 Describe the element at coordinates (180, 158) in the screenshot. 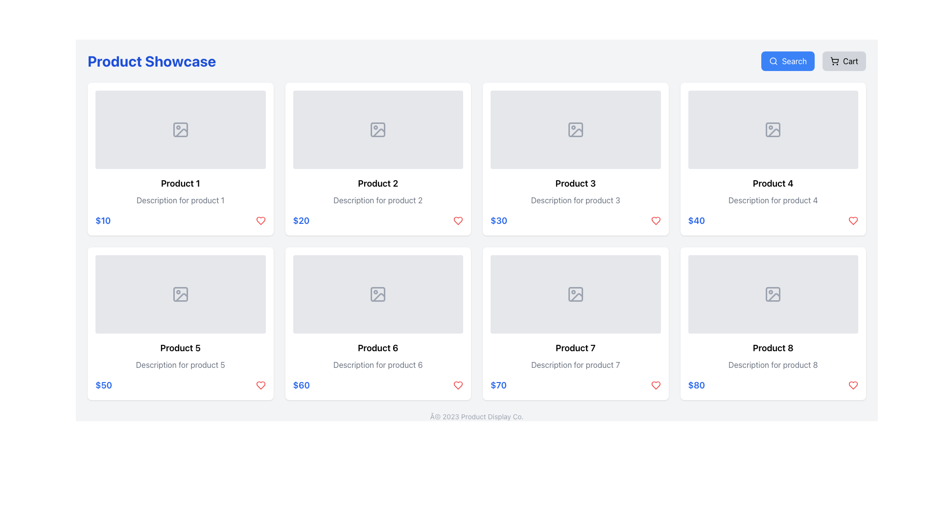

I see `the top-left product card in the shopping interface, which includes an image placeholder, name, description, and price` at that location.